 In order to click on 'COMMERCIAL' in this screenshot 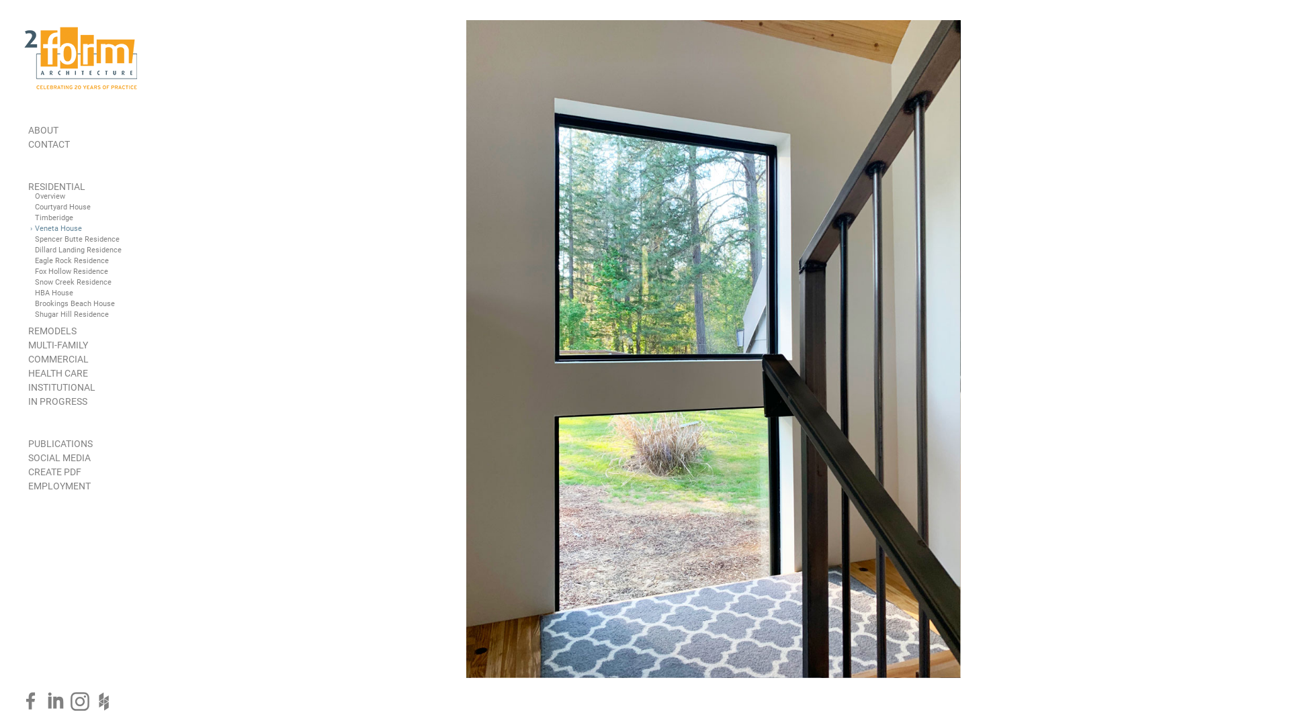, I will do `click(57, 358)`.